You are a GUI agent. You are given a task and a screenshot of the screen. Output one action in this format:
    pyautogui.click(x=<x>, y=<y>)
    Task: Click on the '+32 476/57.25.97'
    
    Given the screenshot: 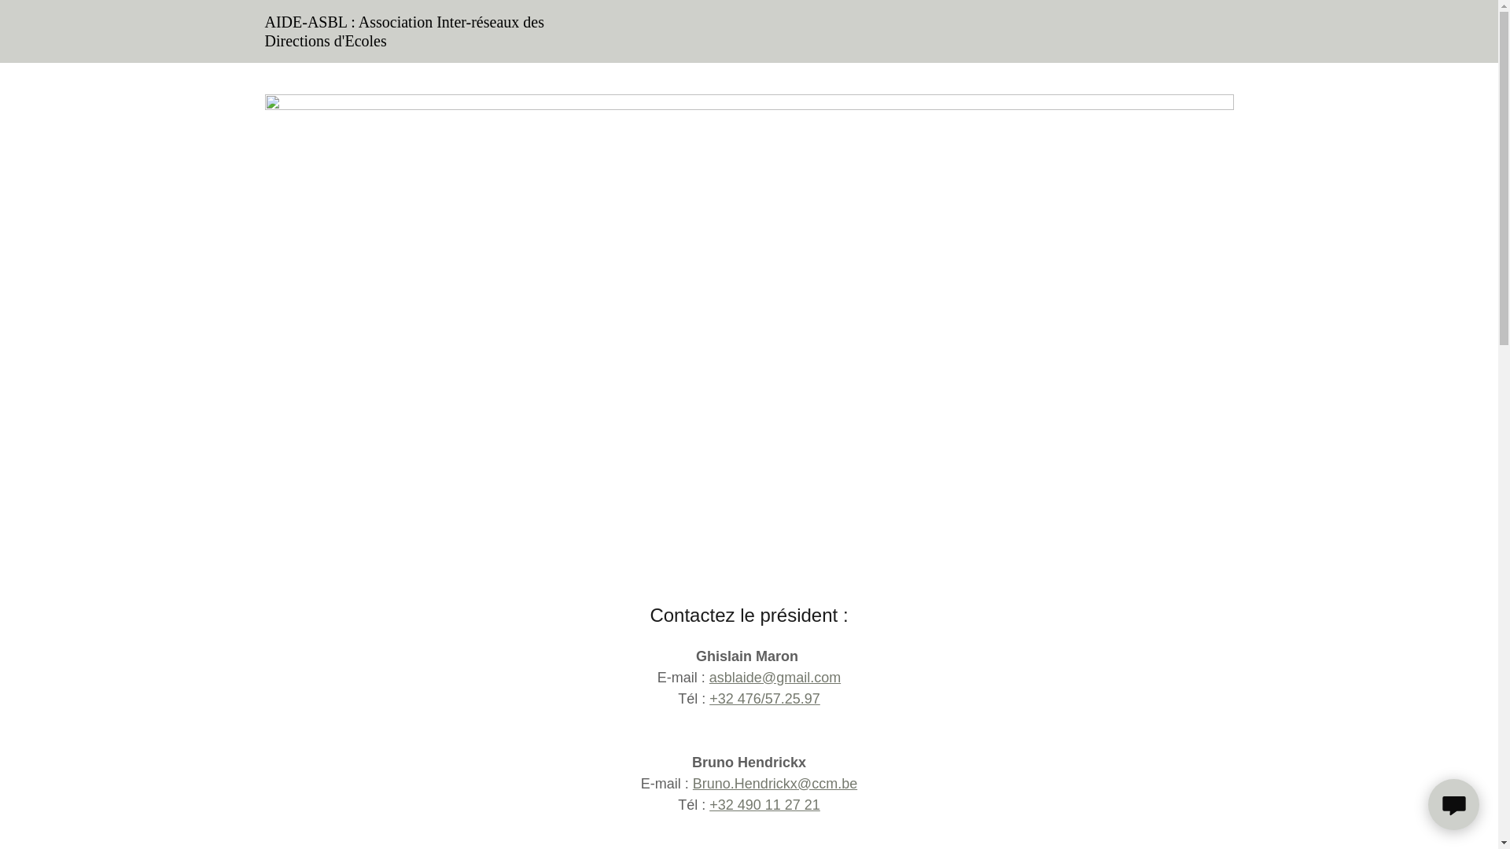 What is the action you would take?
    pyautogui.click(x=764, y=697)
    